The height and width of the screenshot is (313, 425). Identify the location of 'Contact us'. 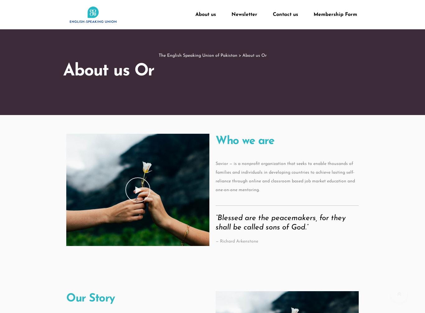
(272, 14).